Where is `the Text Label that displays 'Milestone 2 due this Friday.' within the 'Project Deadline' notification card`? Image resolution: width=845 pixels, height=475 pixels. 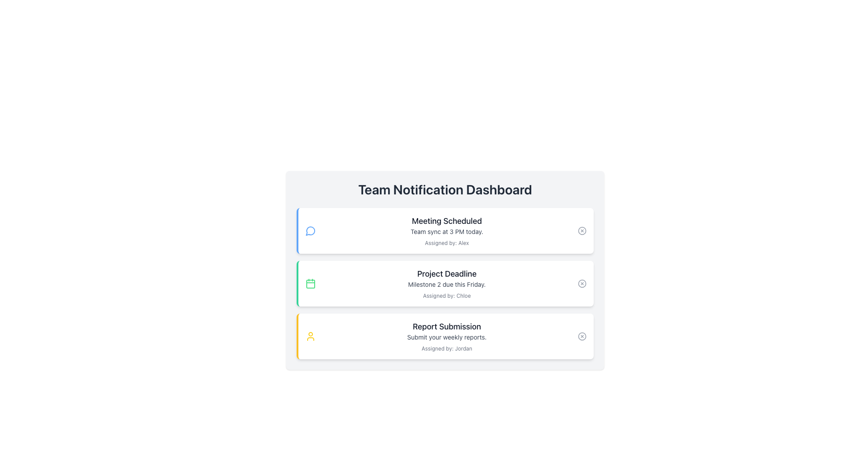
the Text Label that displays 'Milestone 2 due this Friday.' within the 'Project Deadline' notification card is located at coordinates (447, 285).